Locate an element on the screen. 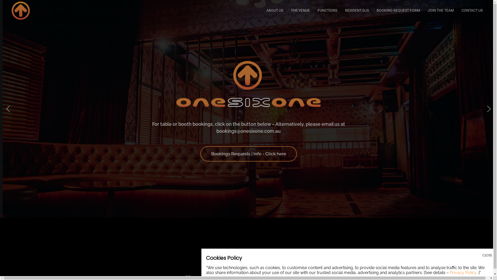  'THE VENUE' is located at coordinates (300, 10).